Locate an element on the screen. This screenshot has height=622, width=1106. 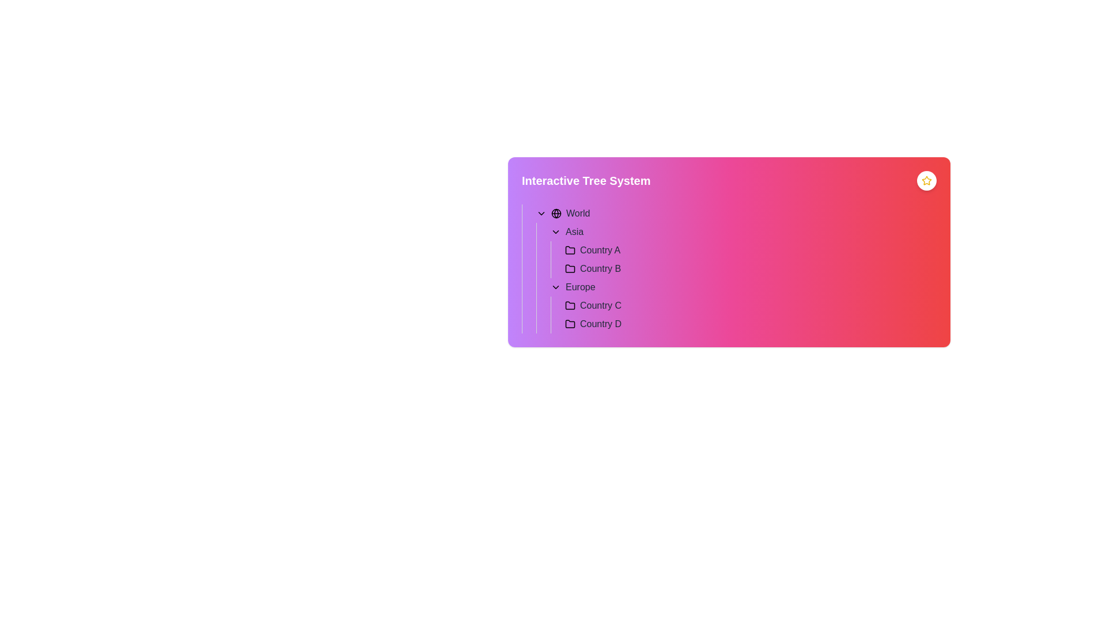
the folder icon representing 'Country B' in the hierarchical list is located at coordinates (570, 268).